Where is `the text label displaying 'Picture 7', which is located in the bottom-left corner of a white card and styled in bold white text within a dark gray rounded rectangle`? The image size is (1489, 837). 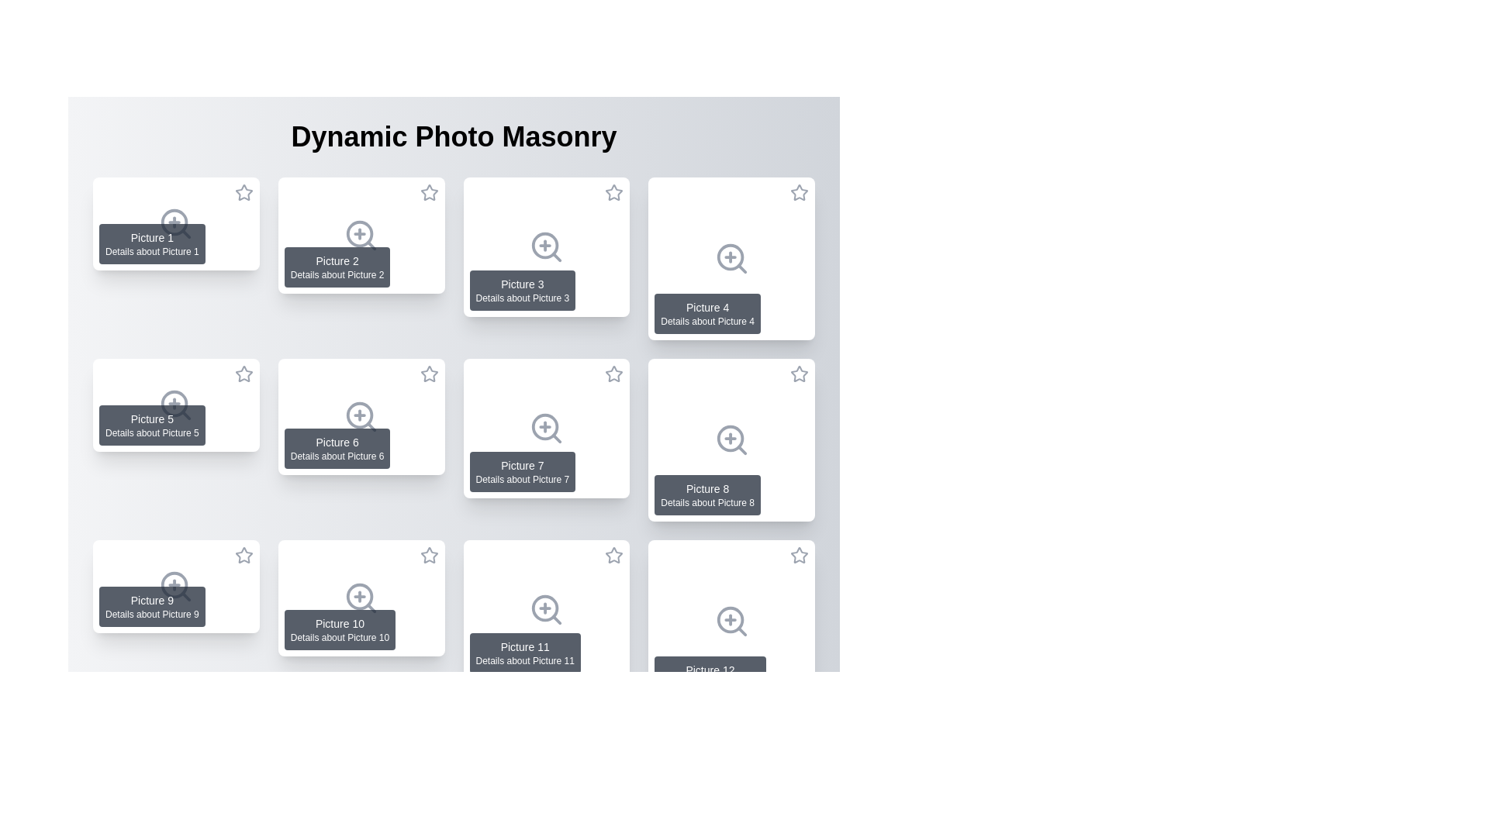
the text label displaying 'Picture 7', which is located in the bottom-left corner of a white card and styled in bold white text within a dark gray rounded rectangle is located at coordinates (522, 465).